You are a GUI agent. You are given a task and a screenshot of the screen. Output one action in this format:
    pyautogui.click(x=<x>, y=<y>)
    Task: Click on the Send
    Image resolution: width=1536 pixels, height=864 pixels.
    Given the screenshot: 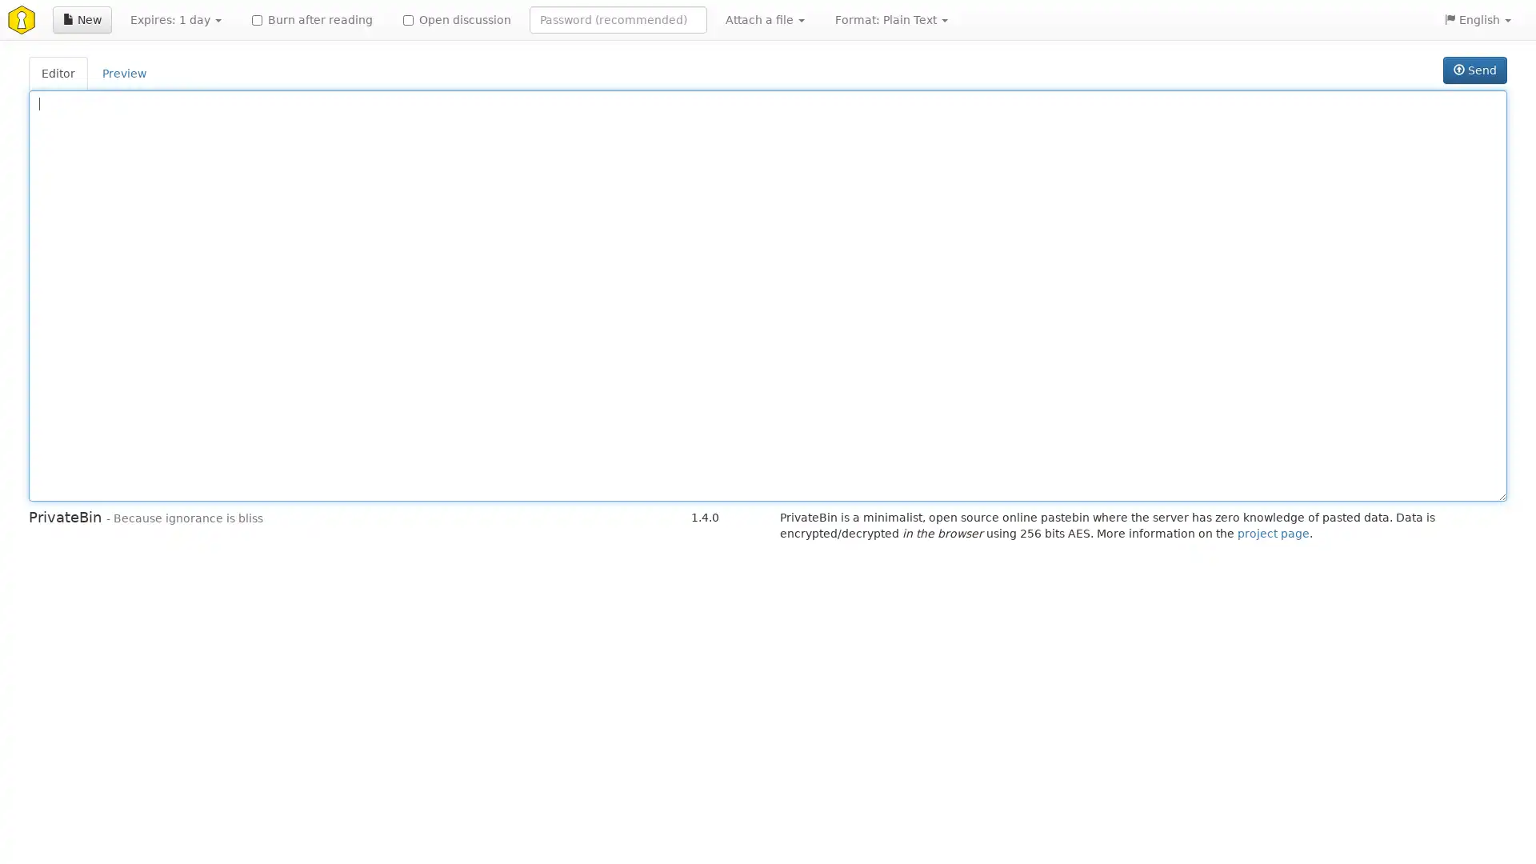 What is the action you would take?
    pyautogui.click(x=1474, y=70)
    